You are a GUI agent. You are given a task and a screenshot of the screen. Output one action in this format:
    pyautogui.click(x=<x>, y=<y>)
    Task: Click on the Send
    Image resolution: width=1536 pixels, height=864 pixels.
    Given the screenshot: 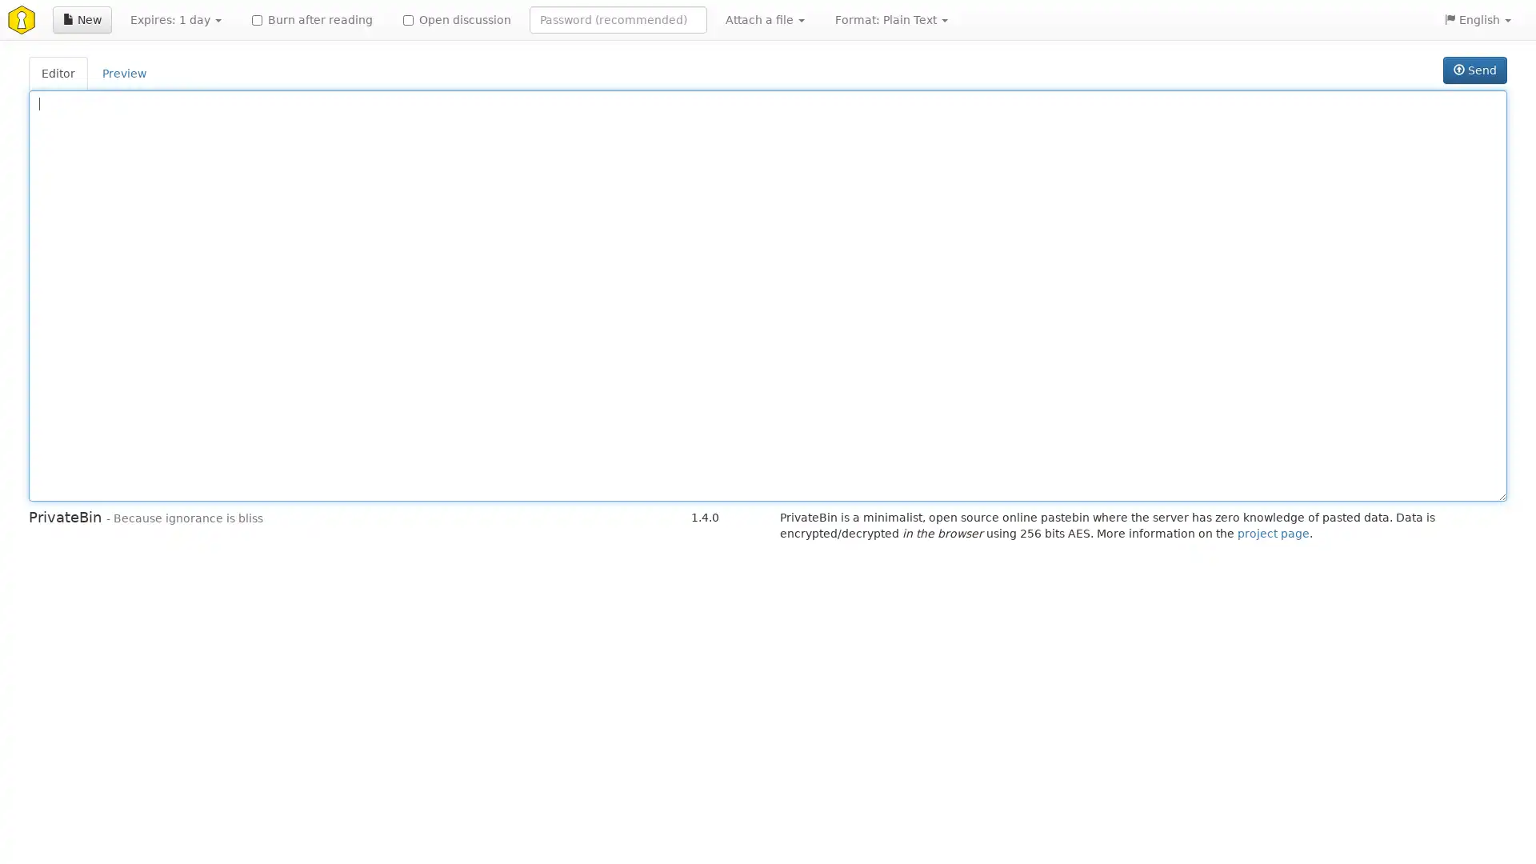 What is the action you would take?
    pyautogui.click(x=1474, y=70)
    